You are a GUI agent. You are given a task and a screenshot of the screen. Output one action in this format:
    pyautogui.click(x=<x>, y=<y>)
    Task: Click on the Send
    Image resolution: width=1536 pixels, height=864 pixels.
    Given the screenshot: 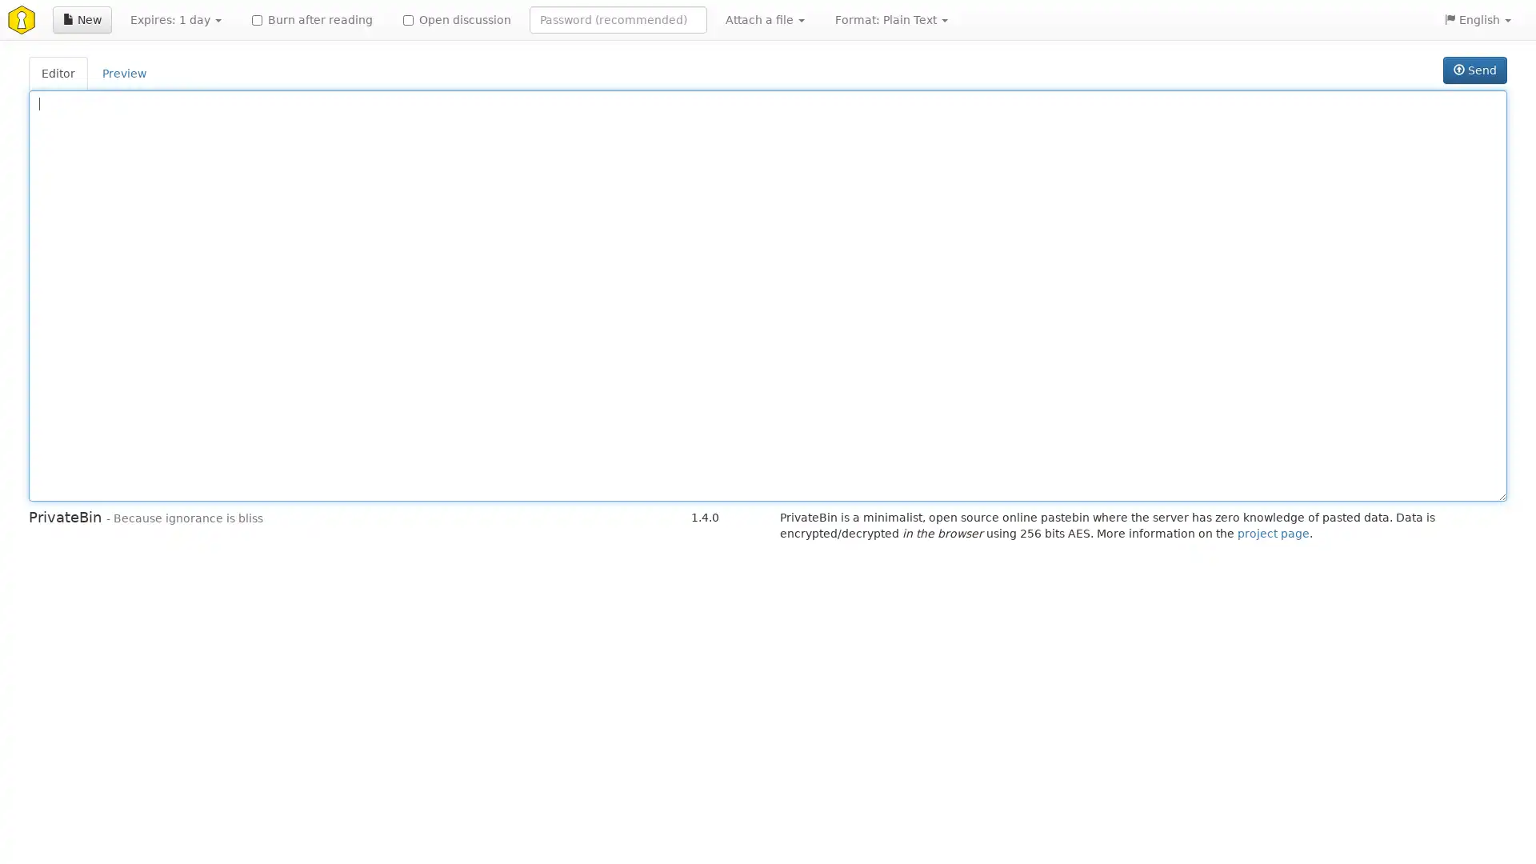 What is the action you would take?
    pyautogui.click(x=1474, y=70)
    